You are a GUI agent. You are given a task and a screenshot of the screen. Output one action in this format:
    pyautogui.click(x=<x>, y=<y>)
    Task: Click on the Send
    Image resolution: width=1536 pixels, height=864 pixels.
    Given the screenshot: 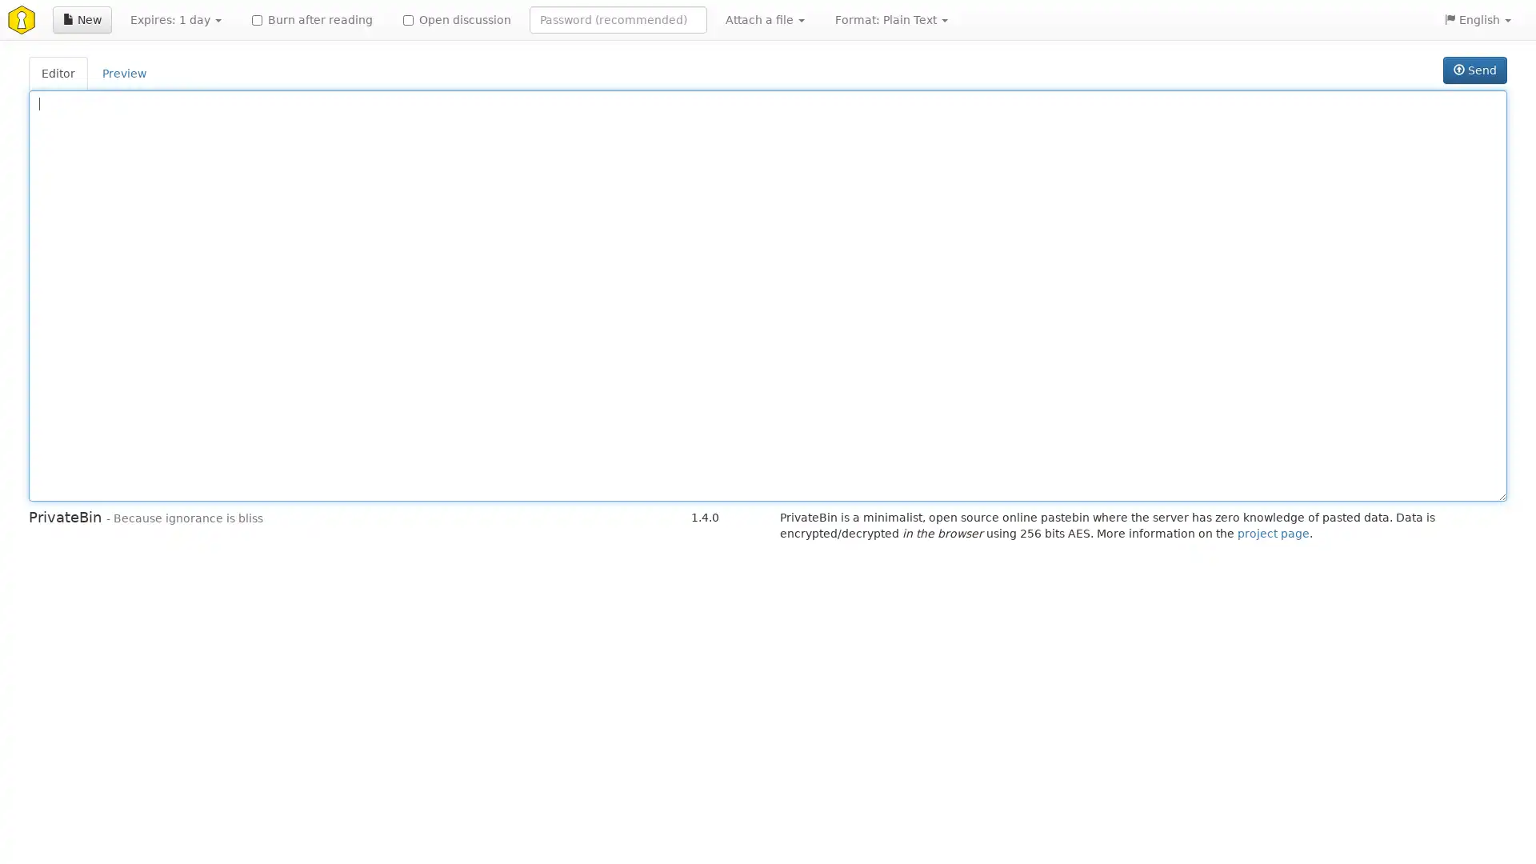 What is the action you would take?
    pyautogui.click(x=1474, y=70)
    